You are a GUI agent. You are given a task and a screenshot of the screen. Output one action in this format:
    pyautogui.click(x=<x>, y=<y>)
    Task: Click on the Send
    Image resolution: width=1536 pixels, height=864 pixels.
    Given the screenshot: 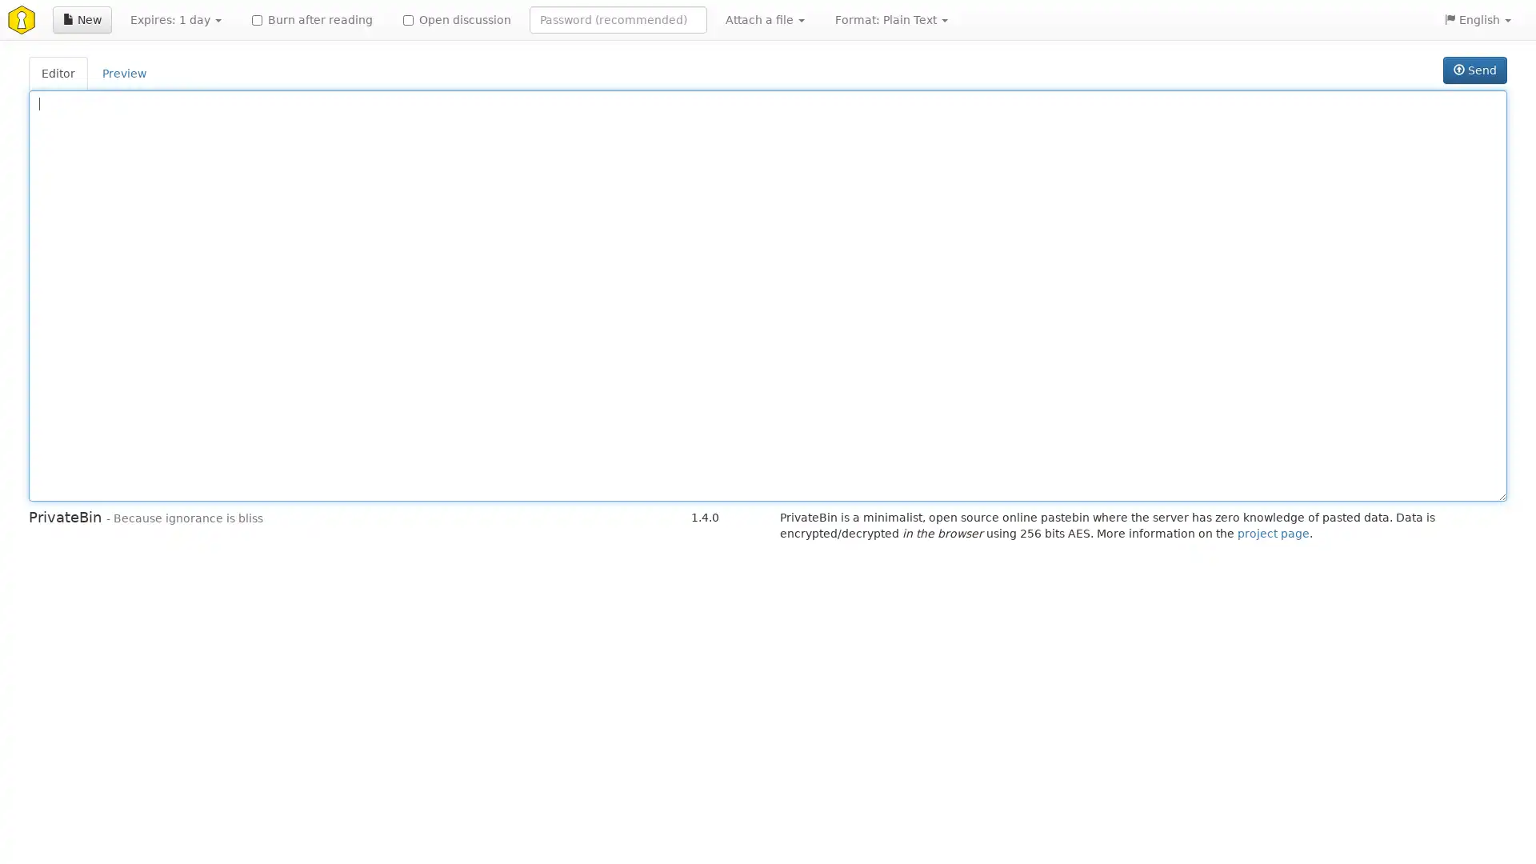 What is the action you would take?
    pyautogui.click(x=1474, y=70)
    